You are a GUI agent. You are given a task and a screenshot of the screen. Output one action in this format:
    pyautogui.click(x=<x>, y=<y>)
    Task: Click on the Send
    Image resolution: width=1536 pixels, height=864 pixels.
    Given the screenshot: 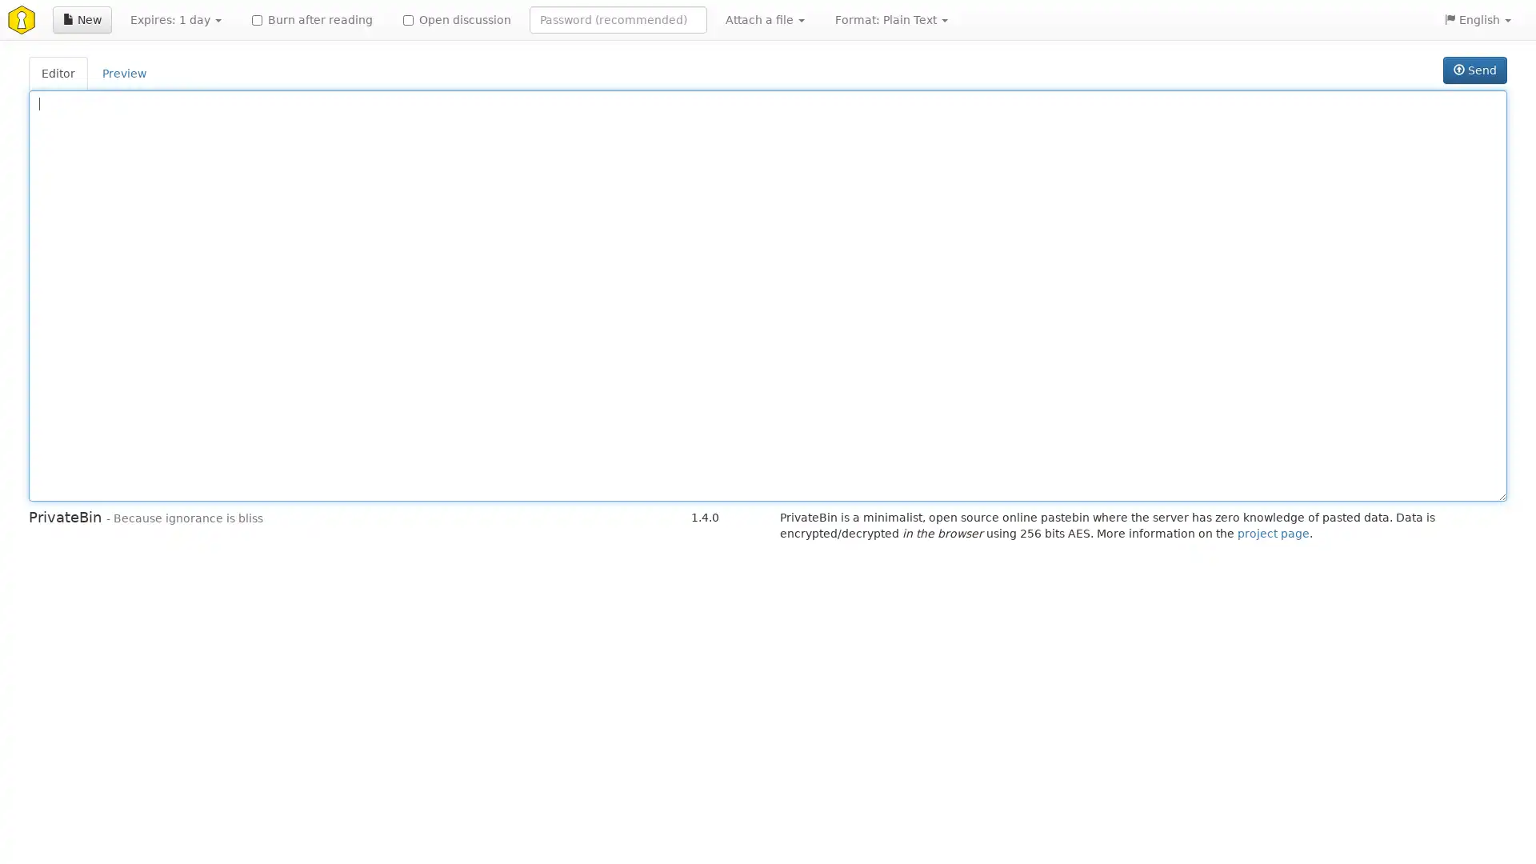 What is the action you would take?
    pyautogui.click(x=1474, y=70)
    